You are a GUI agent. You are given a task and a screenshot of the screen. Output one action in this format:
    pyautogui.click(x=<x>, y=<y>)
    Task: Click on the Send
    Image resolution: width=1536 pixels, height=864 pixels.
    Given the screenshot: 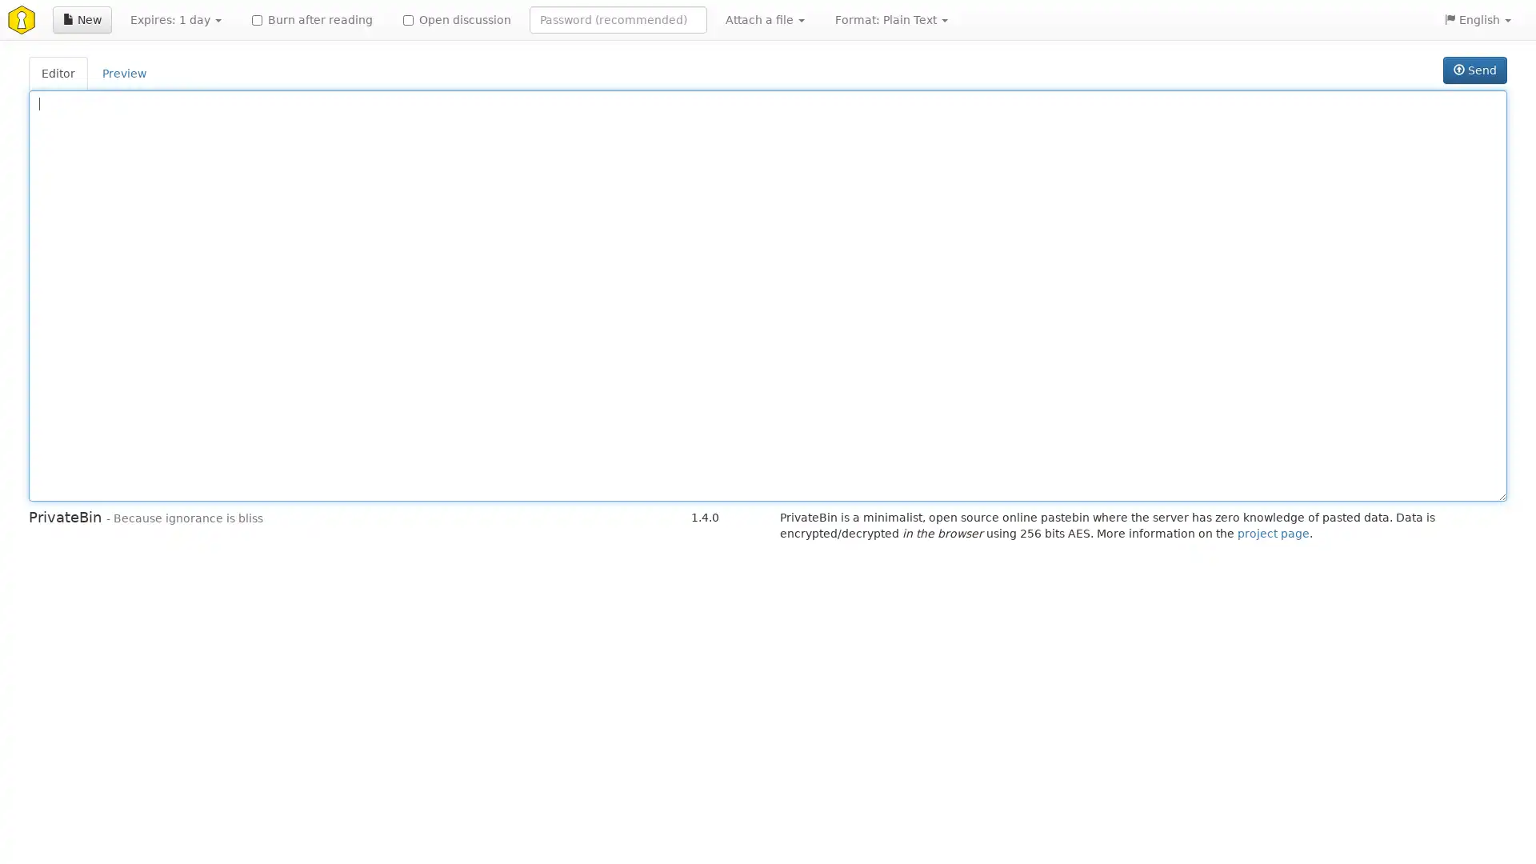 What is the action you would take?
    pyautogui.click(x=1474, y=70)
    